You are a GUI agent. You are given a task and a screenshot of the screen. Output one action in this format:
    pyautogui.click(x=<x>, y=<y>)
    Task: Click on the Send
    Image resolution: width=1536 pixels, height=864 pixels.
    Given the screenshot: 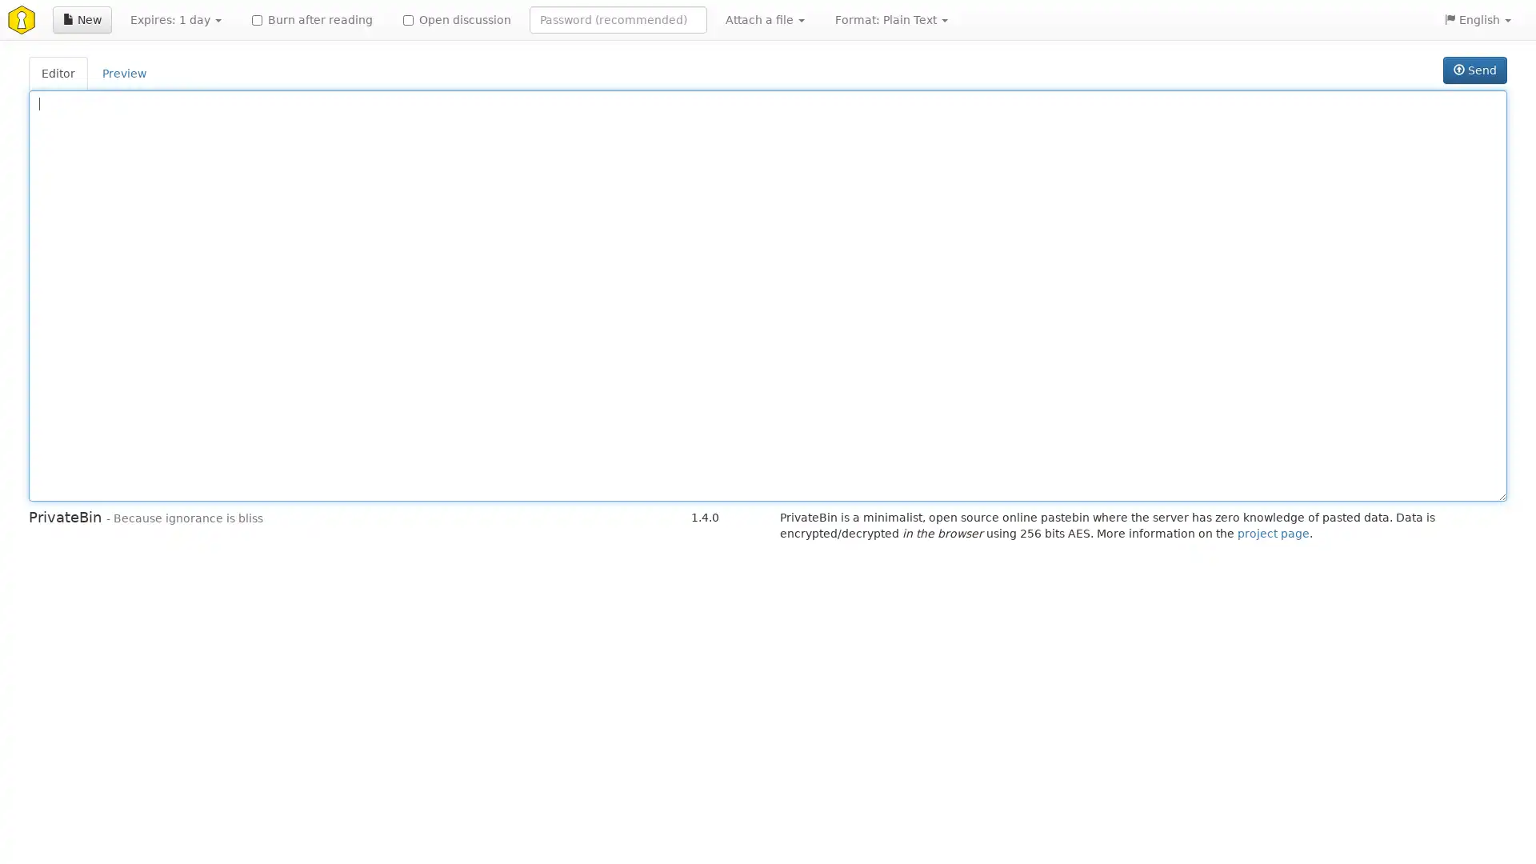 What is the action you would take?
    pyautogui.click(x=1474, y=70)
    